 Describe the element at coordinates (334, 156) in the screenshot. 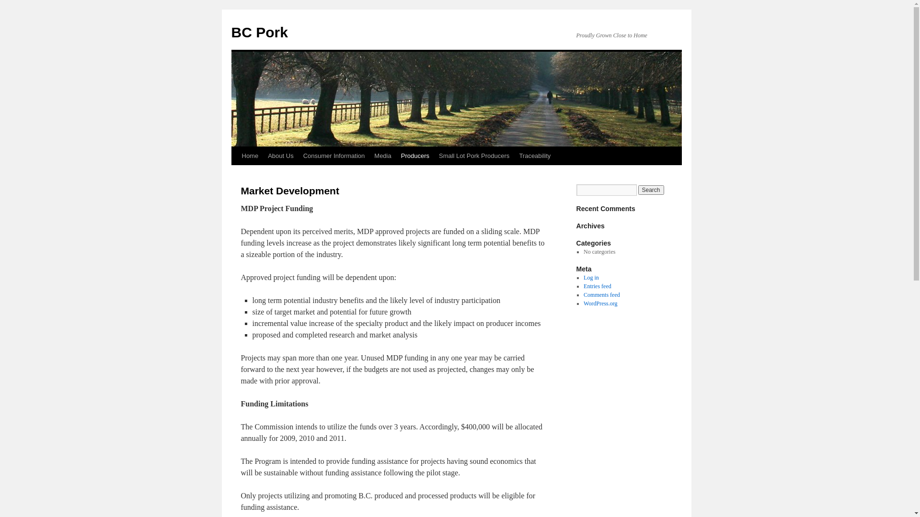

I see `'Consumer Information'` at that location.